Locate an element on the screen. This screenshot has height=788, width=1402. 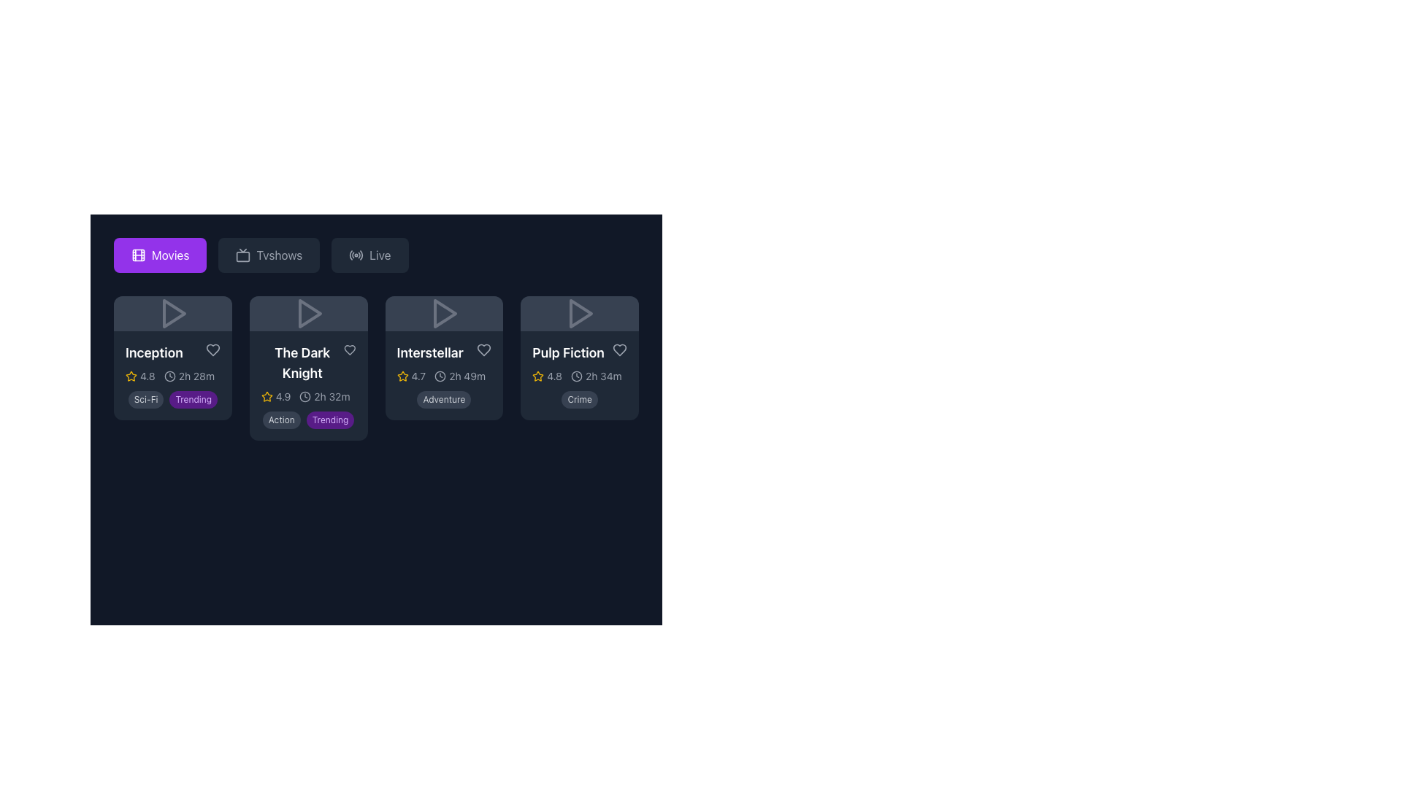
the runtime information label displaying '2h 28m' next to the clock icon in the 'Inception' movie card is located at coordinates (188, 376).